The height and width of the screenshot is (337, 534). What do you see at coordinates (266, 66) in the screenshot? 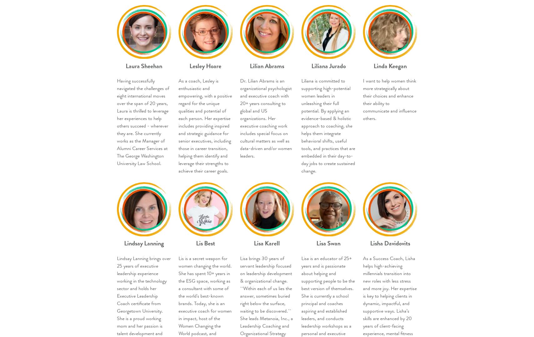
I see `'Lilian Abrams'` at bounding box center [266, 66].